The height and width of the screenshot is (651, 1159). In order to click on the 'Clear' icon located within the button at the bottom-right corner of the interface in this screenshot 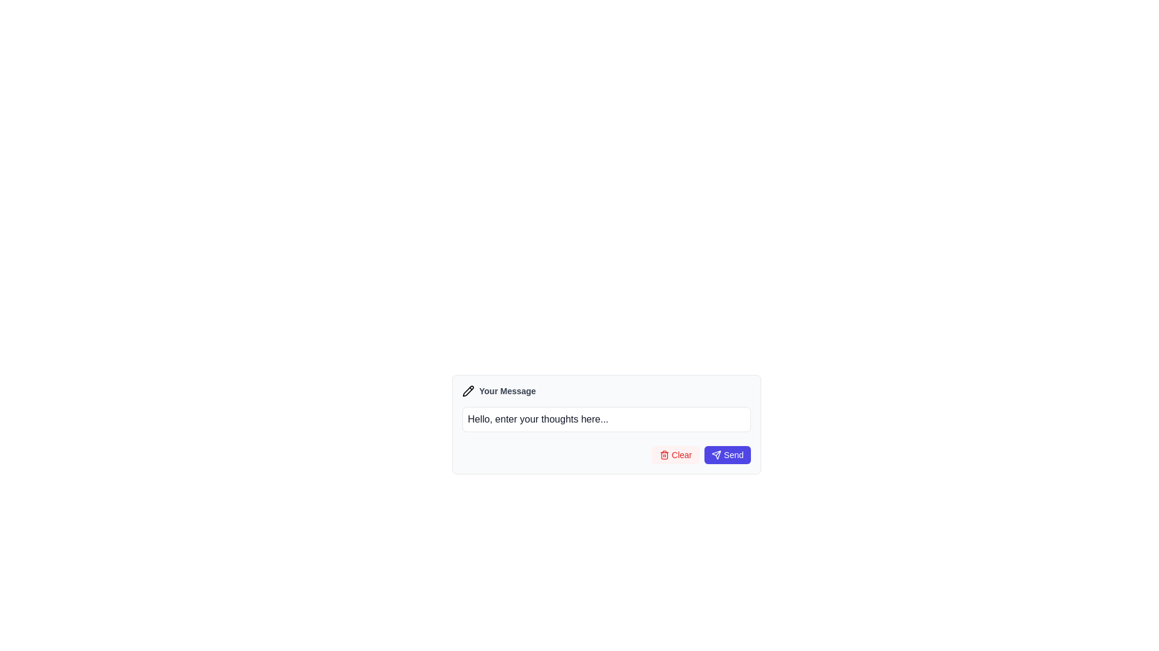, I will do `click(663, 455)`.